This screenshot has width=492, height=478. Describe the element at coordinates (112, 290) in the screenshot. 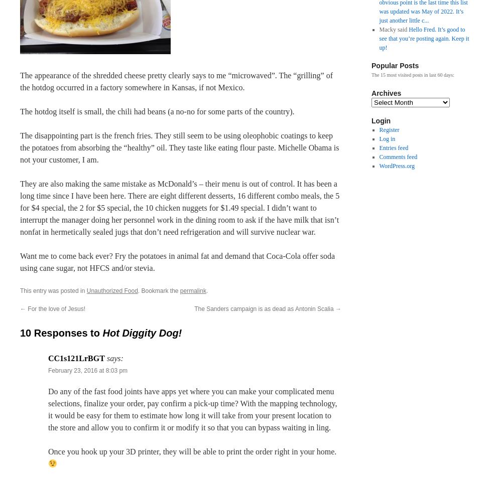

I see `'Unauthorized Food'` at that location.